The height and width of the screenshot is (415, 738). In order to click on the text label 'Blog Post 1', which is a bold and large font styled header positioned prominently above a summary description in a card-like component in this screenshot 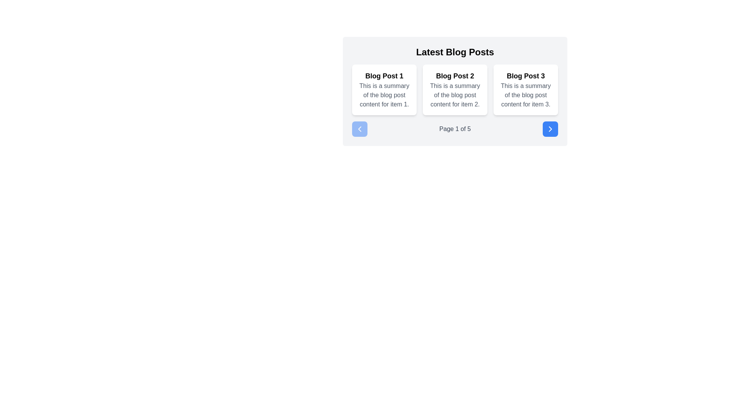, I will do `click(384, 76)`.